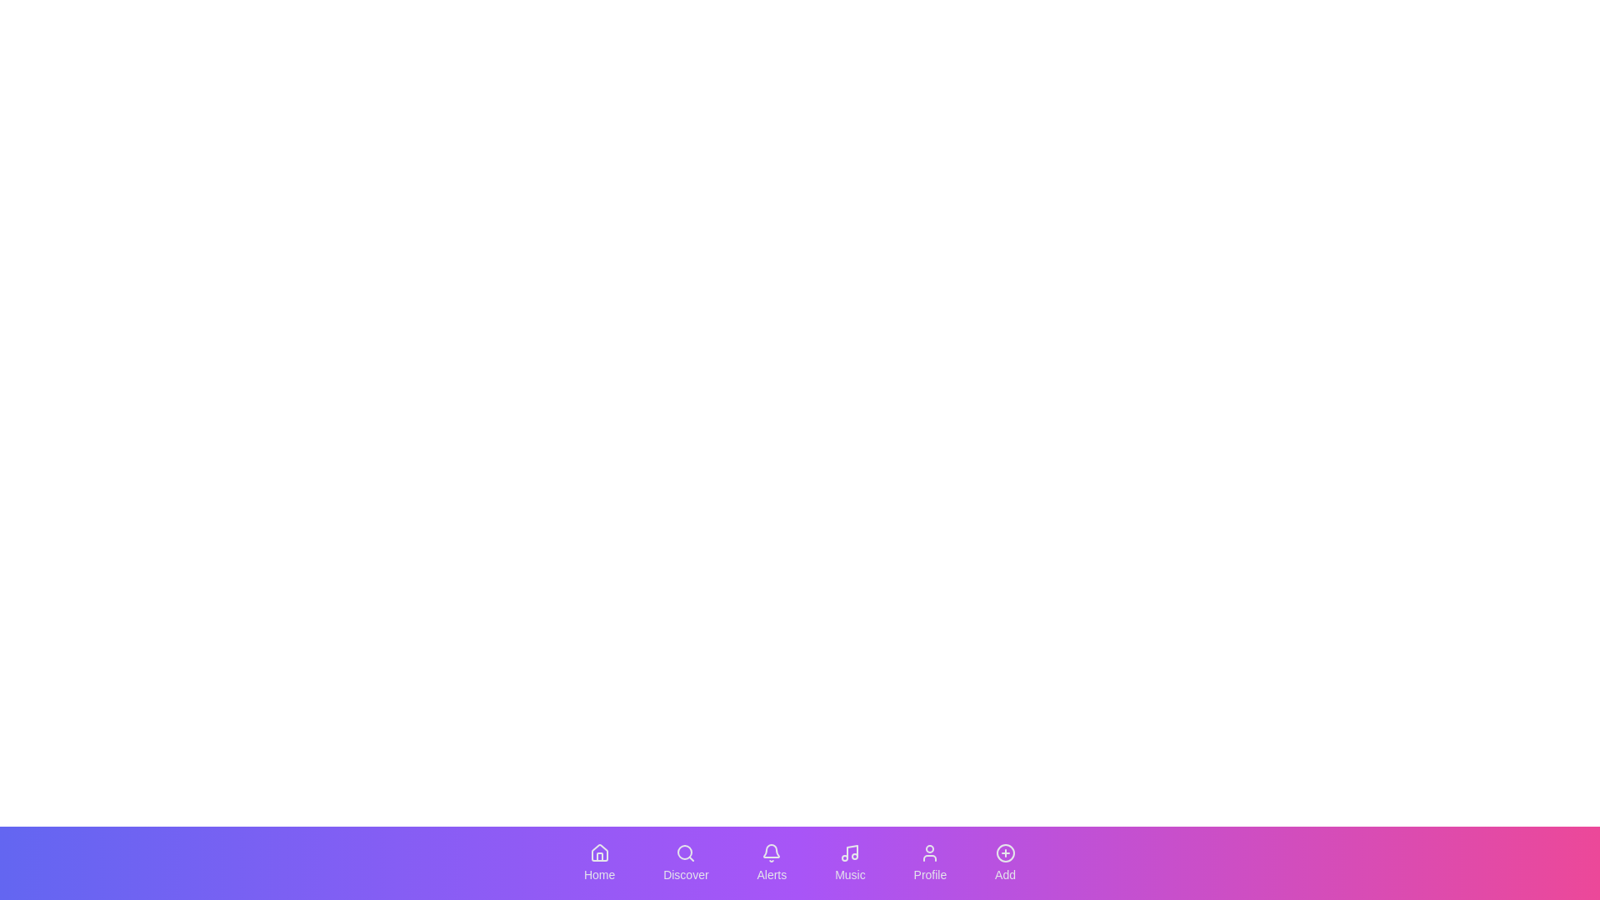 The width and height of the screenshot is (1600, 900). What do you see at coordinates (929, 862) in the screenshot?
I see `the navigation icon labeled Profile` at bounding box center [929, 862].